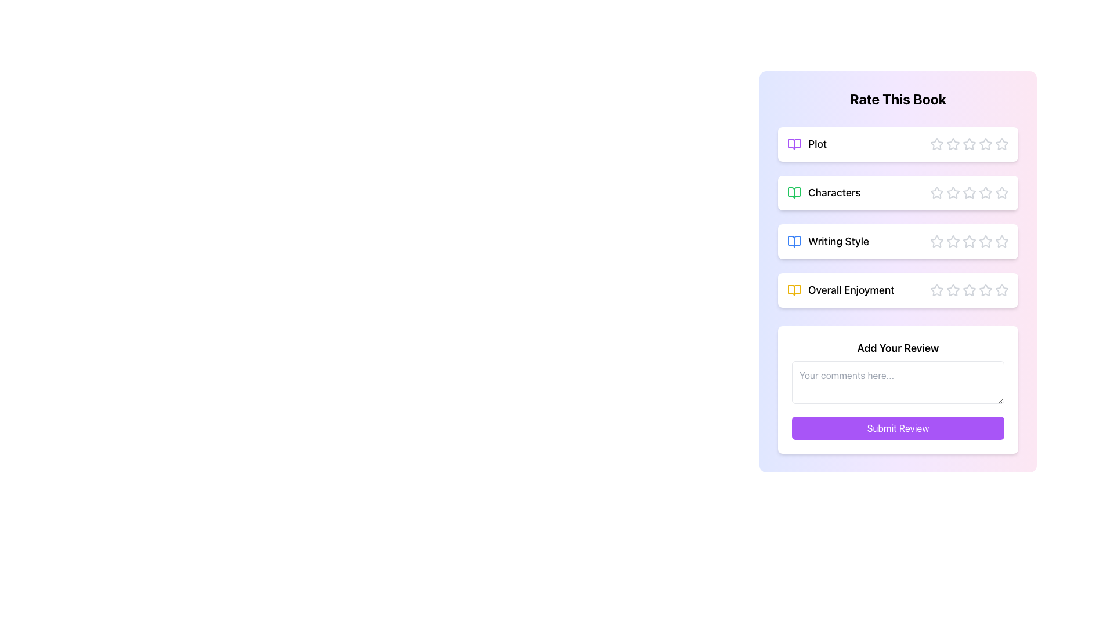 Image resolution: width=1114 pixels, height=626 pixels. What do you see at coordinates (936, 192) in the screenshot?
I see `the first star icon in the 'Rate This Book' panel` at bounding box center [936, 192].